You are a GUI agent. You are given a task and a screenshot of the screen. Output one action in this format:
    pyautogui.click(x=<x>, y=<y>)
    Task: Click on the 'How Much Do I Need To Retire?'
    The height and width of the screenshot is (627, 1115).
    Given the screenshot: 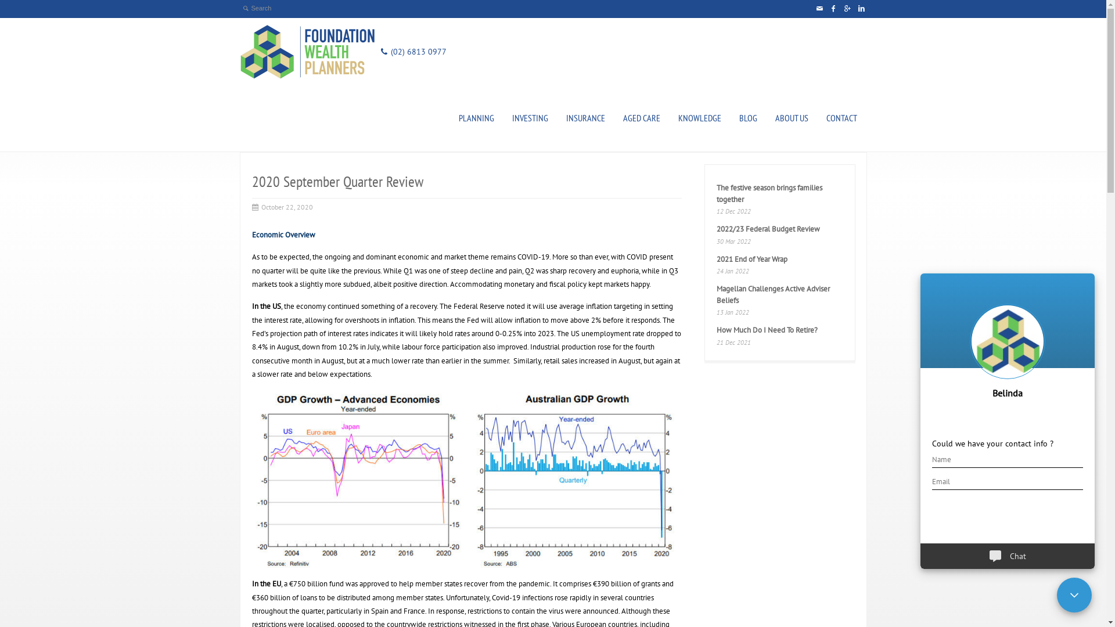 What is the action you would take?
    pyautogui.click(x=715, y=330)
    